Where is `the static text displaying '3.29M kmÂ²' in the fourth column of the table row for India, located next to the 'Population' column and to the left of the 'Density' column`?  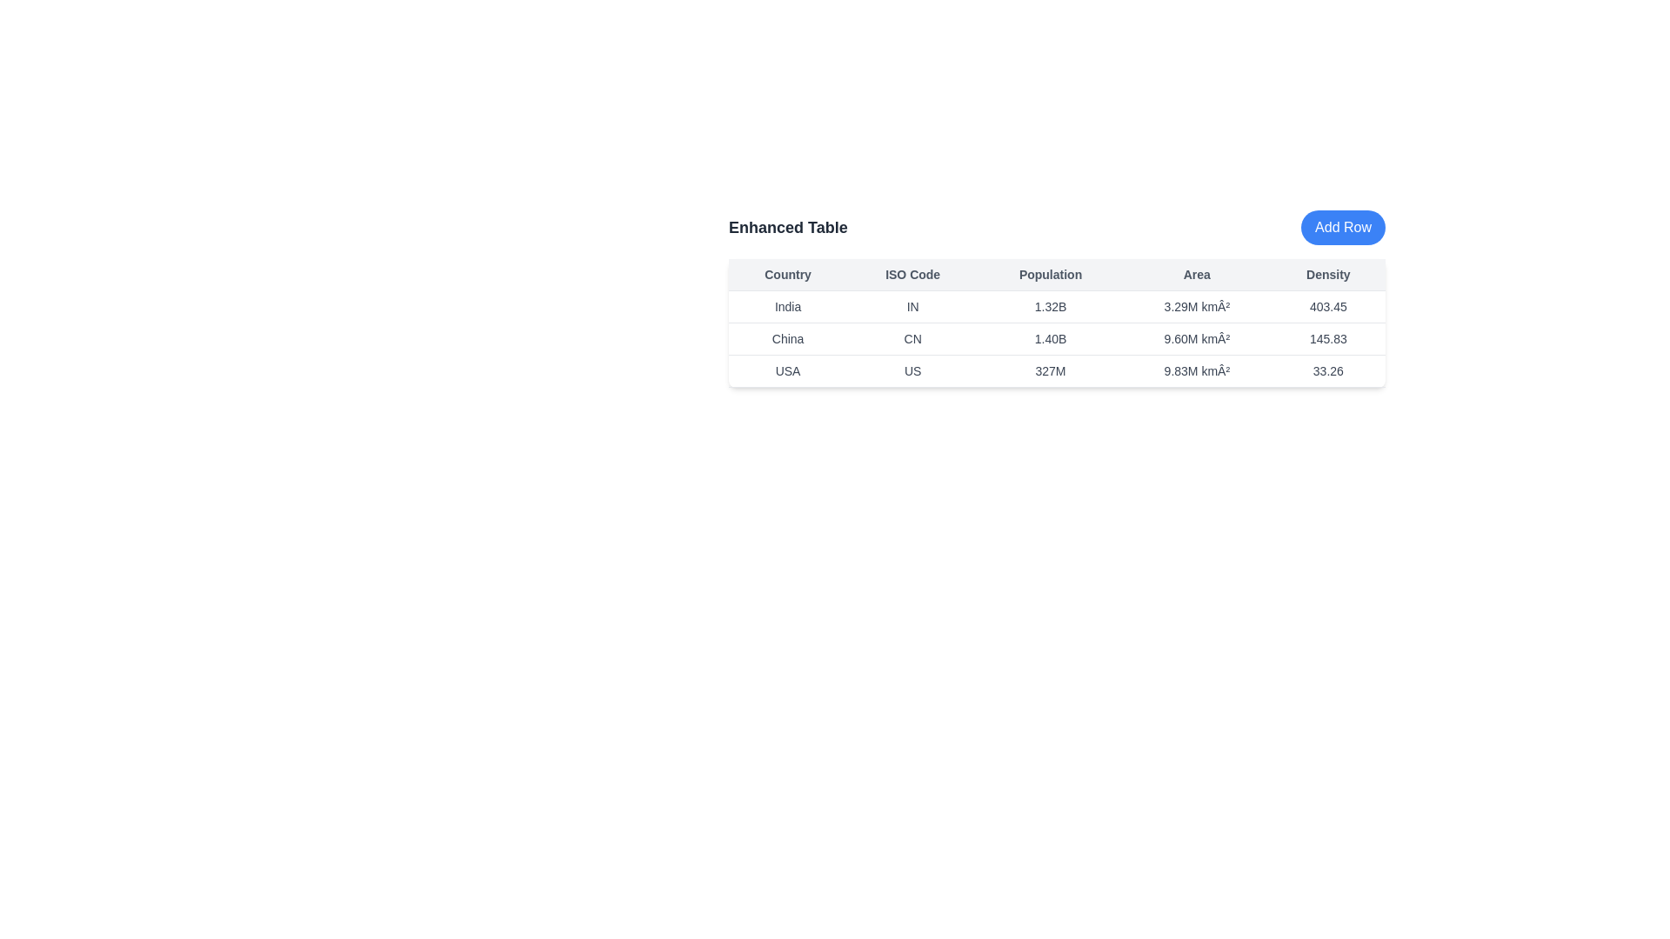
the static text displaying '3.29M kmÂ²' in the fourth column of the table row for India, located next to the 'Population' column and to the left of the 'Density' column is located at coordinates (1196, 306).